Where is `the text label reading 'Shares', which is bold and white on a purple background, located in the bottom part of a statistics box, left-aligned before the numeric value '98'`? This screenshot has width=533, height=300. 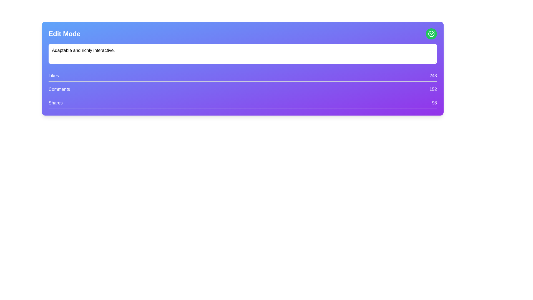
the text label reading 'Shares', which is bold and white on a purple background, located in the bottom part of a statistics box, left-aligned before the numeric value '98' is located at coordinates (56, 103).